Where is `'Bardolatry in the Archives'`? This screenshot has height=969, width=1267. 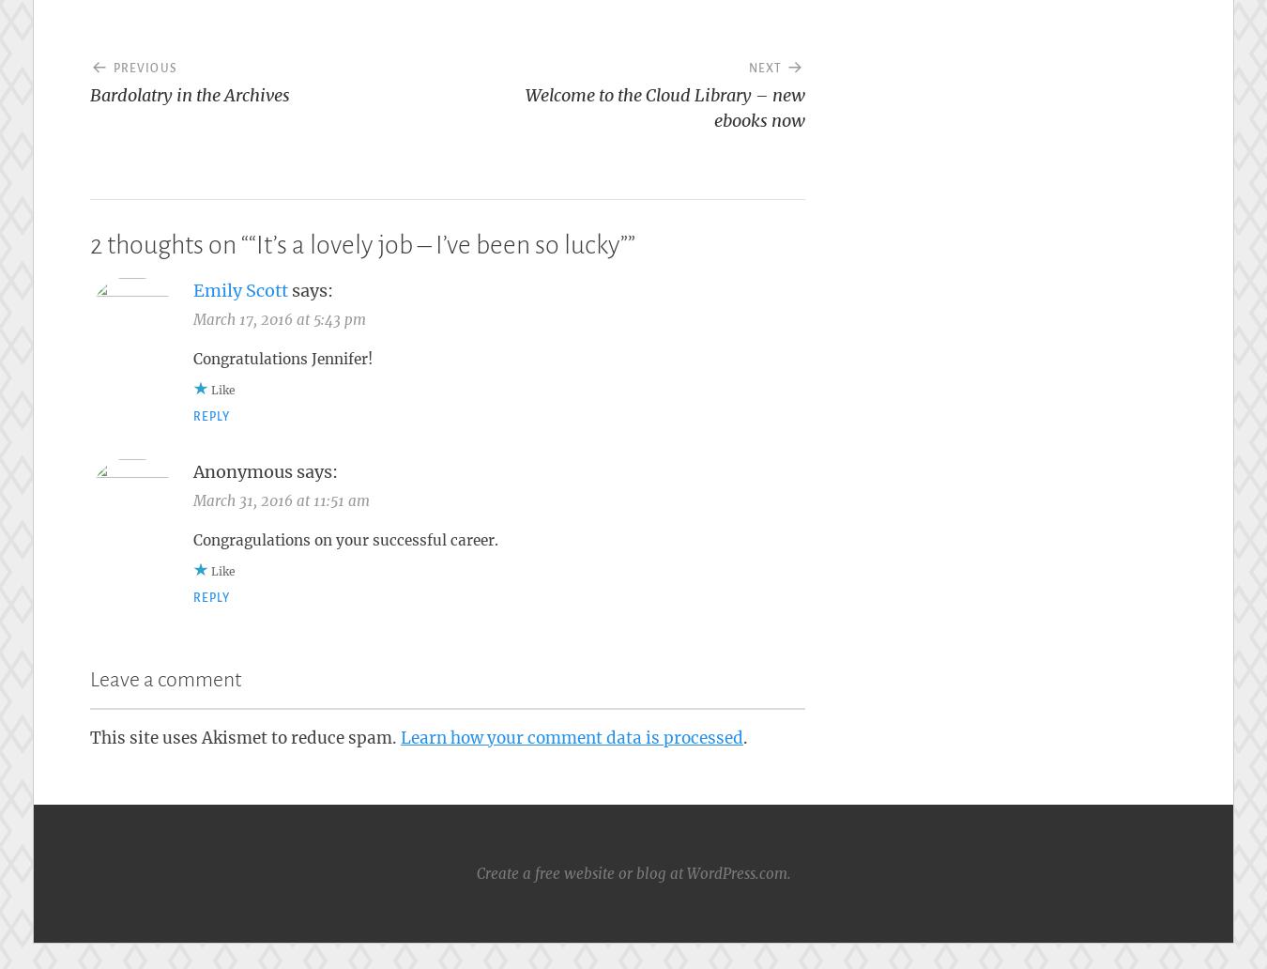
'Bardolatry in the Archives' is located at coordinates (88, 94).